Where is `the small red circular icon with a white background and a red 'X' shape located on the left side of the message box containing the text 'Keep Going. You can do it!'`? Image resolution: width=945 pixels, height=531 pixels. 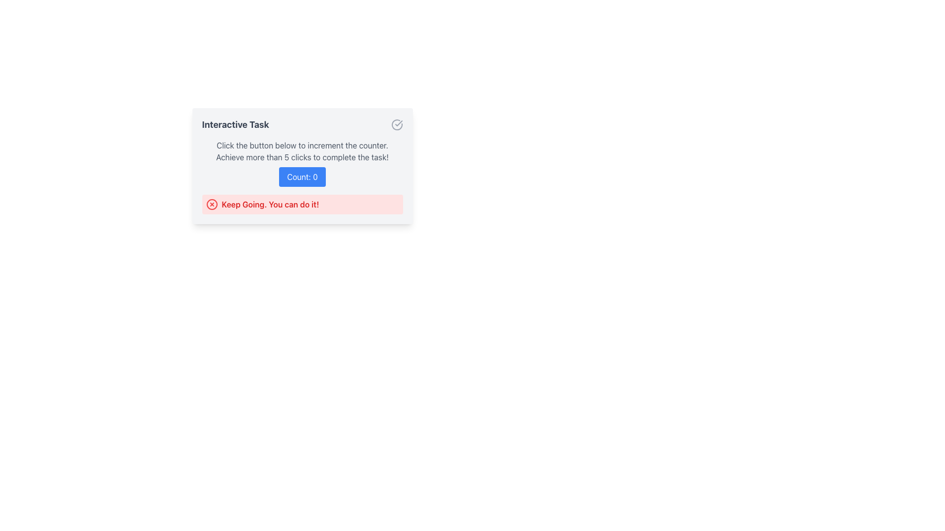
the small red circular icon with a white background and a red 'X' shape located on the left side of the message box containing the text 'Keep Going. You can do it!' is located at coordinates (211, 204).